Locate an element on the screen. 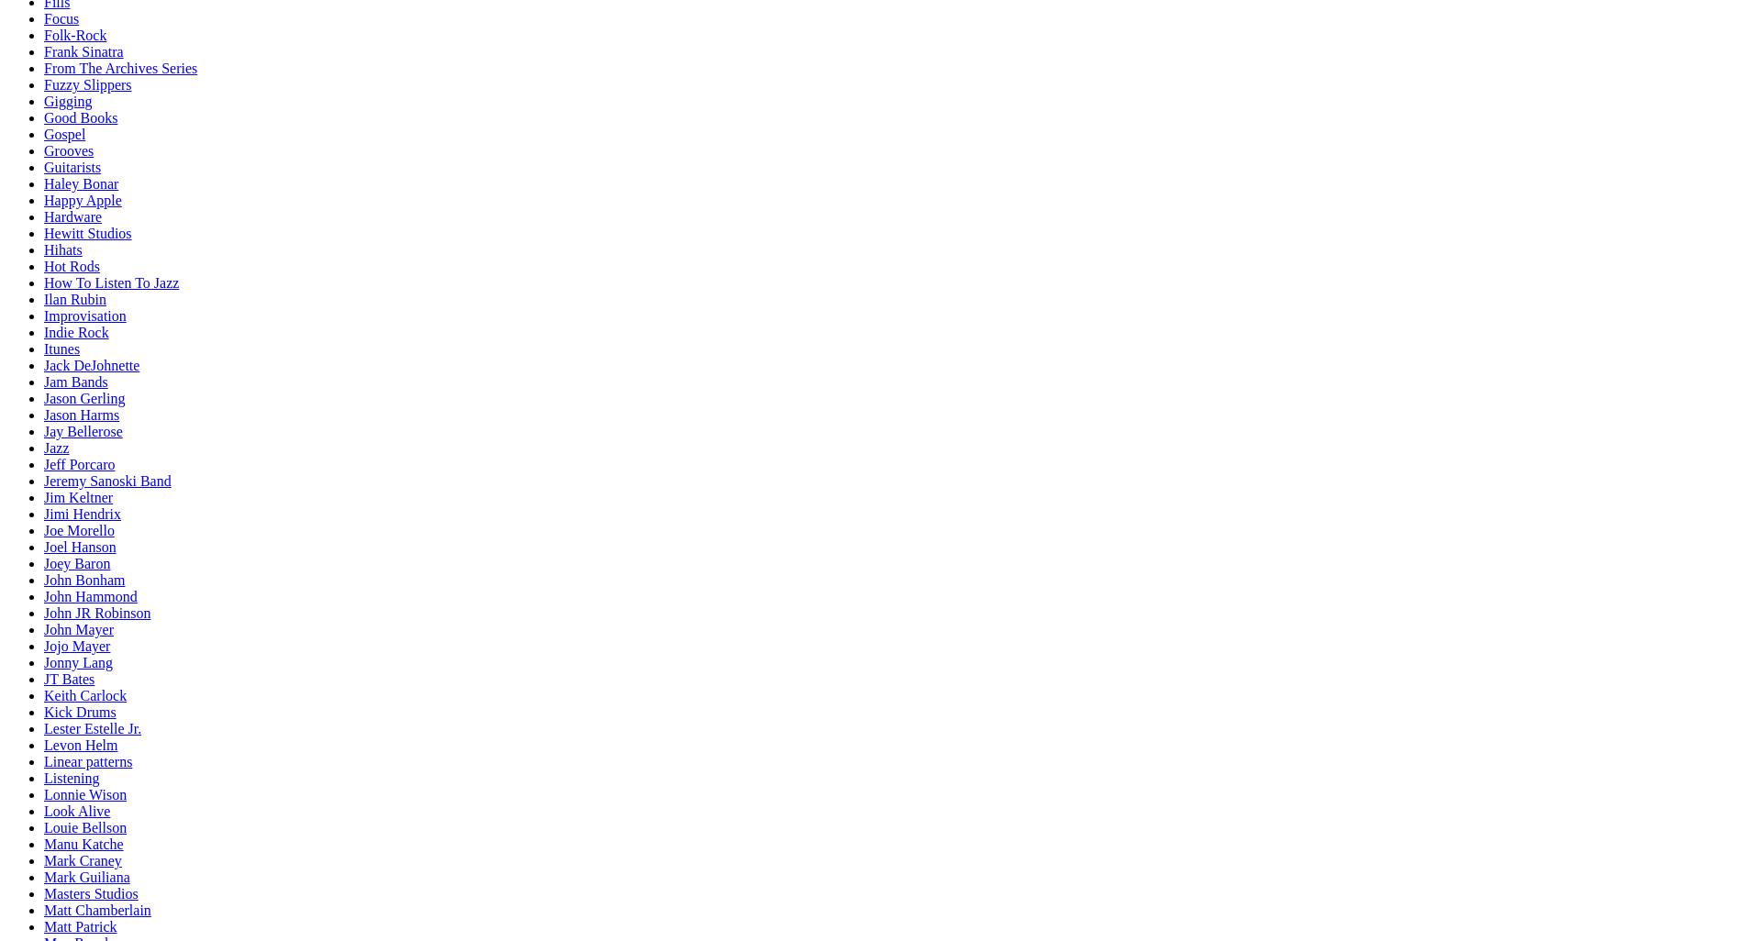 This screenshot has height=941, width=1743. 'Gigging' is located at coordinates (44, 101).